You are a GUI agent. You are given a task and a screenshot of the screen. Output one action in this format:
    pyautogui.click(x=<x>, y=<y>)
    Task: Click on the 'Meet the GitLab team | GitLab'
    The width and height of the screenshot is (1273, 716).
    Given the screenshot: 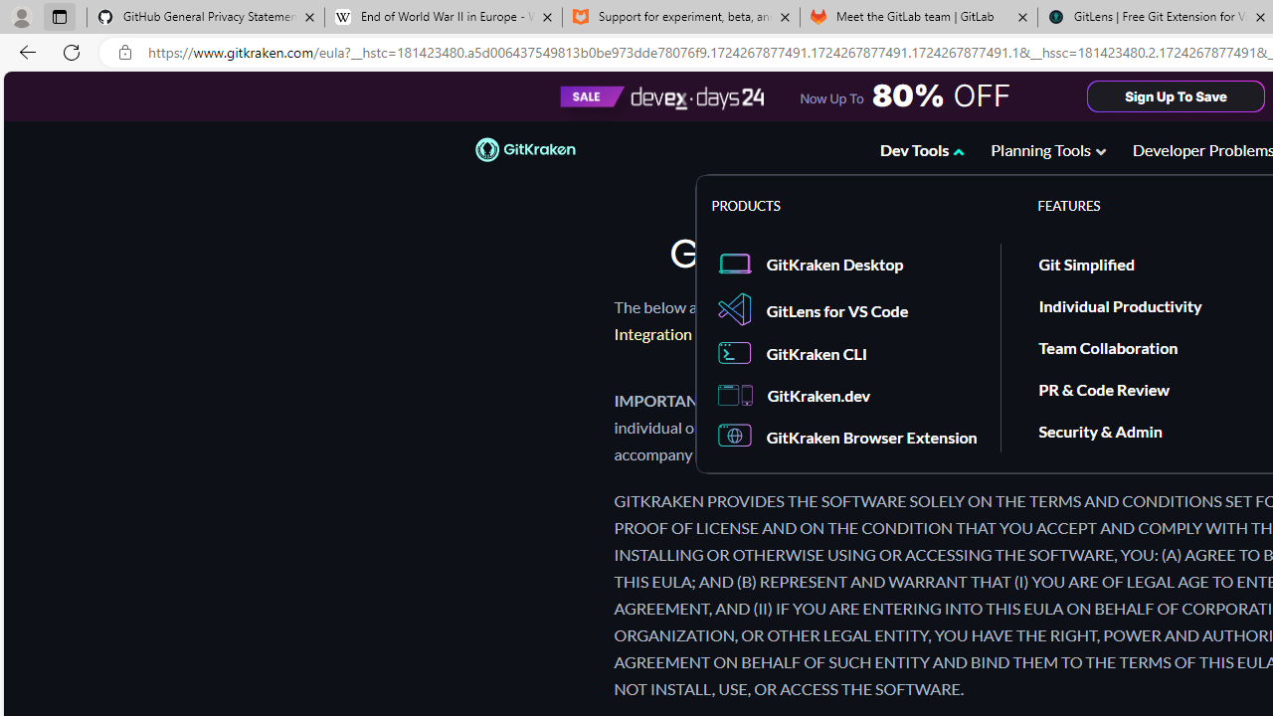 What is the action you would take?
    pyautogui.click(x=918, y=17)
    